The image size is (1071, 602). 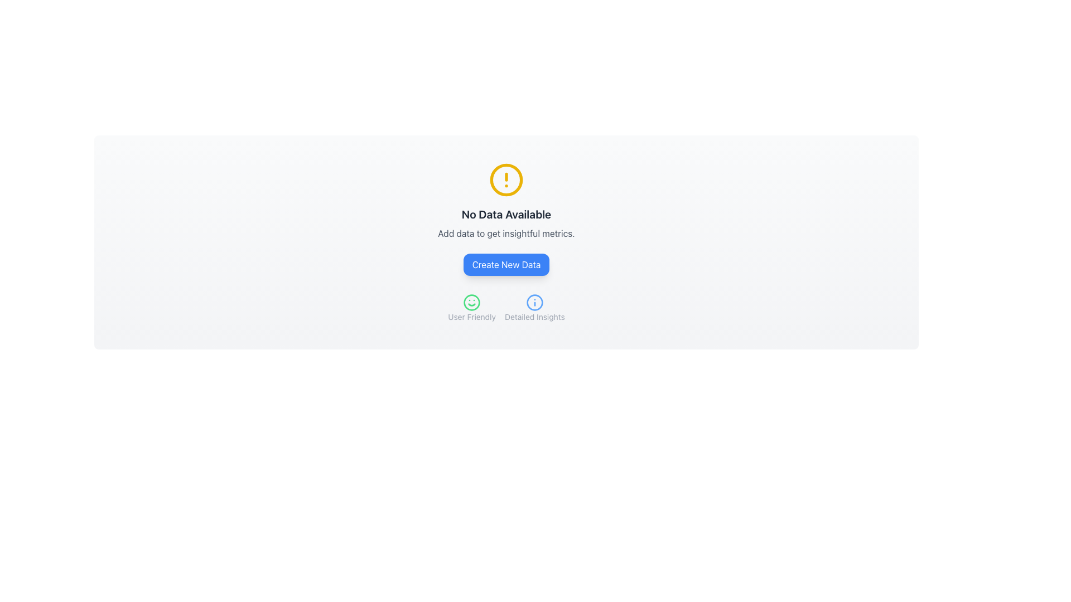 I want to click on the text label displaying 'User Friendly', which is a small, gray-colored font located below a green smiley icon and aligned centrally among other elements, so click(x=472, y=317).